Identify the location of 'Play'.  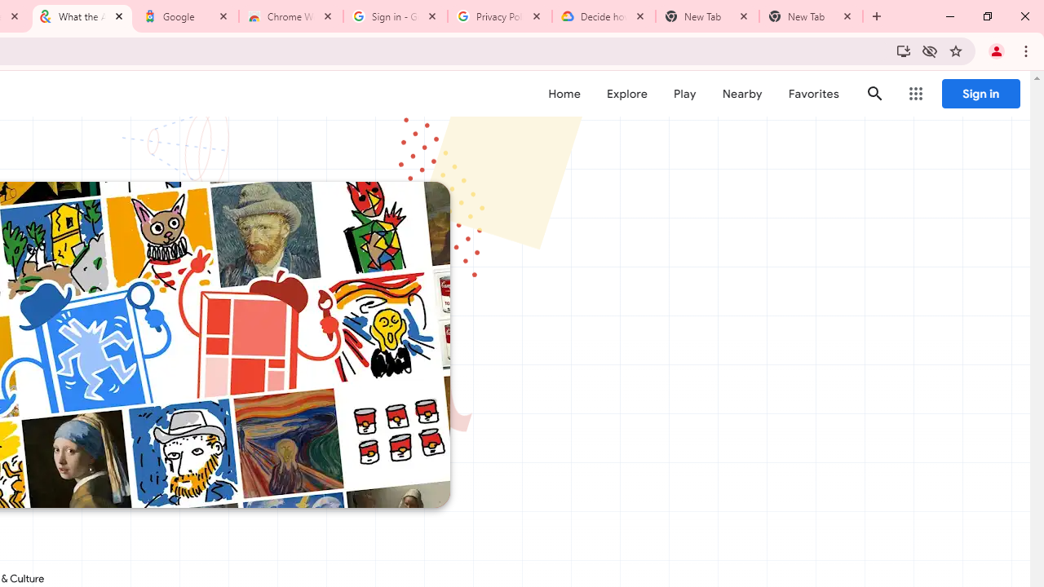
(685, 94).